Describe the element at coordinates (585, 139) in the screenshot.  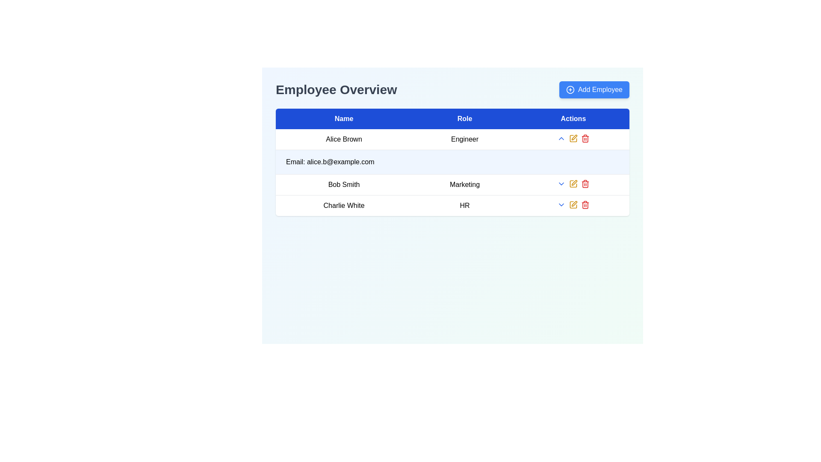
I see `the delete icon in the 'Actions' column of the second row in the table` at that location.